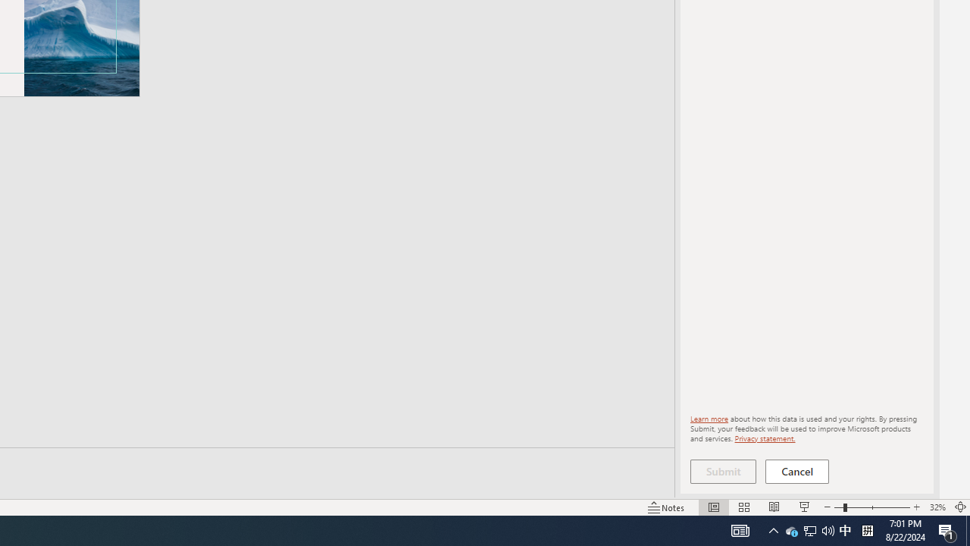  I want to click on 'Zoom In', so click(915, 507).